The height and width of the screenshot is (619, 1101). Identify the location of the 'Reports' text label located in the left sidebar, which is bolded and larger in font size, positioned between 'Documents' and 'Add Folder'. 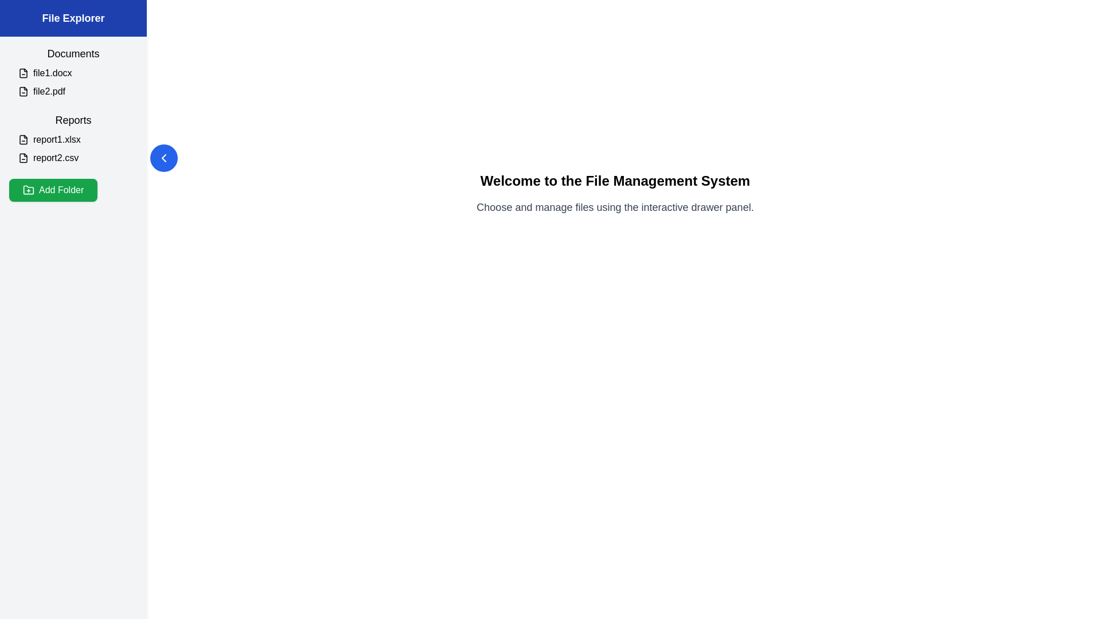
(73, 120).